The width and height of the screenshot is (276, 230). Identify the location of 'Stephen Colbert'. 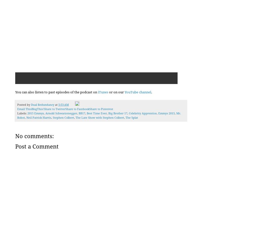
(53, 118).